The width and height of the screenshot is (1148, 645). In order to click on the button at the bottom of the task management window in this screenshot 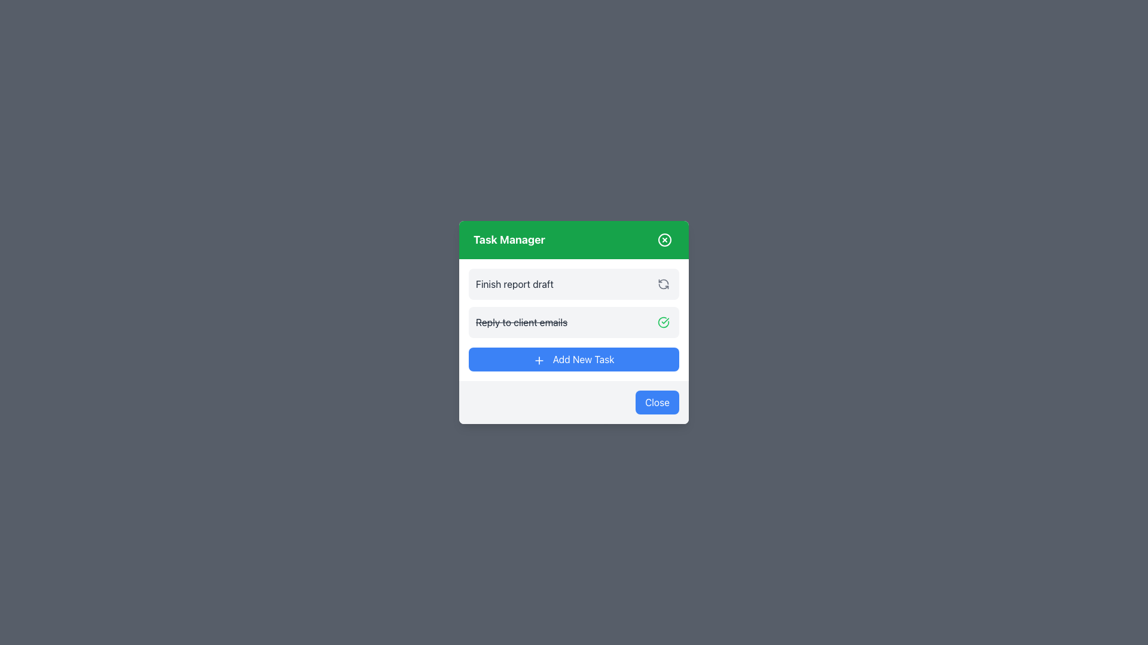, I will do `click(574, 358)`.